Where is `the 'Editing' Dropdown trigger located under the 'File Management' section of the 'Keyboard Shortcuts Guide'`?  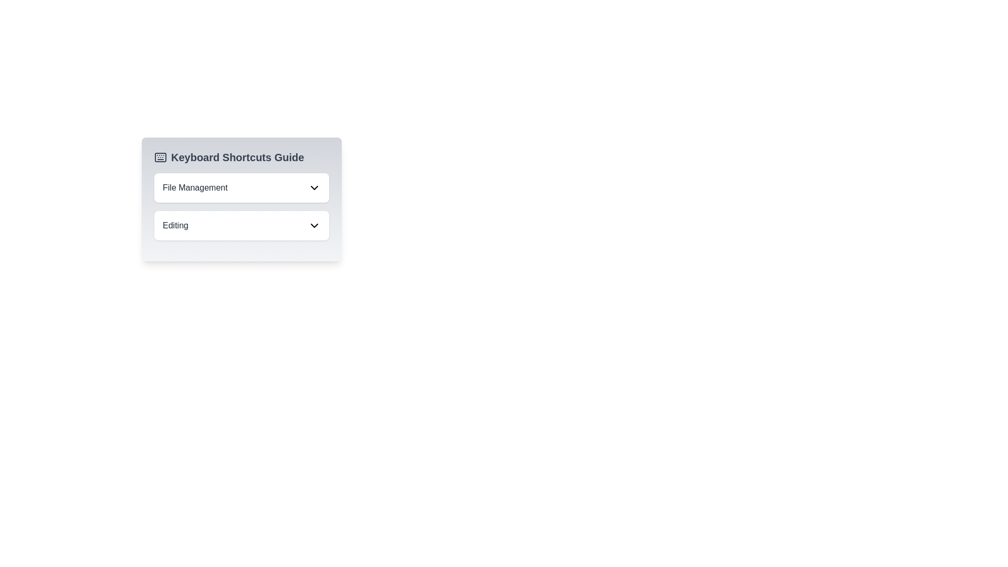
the 'Editing' Dropdown trigger located under the 'File Management' section of the 'Keyboard Shortcuts Guide' is located at coordinates (241, 225).